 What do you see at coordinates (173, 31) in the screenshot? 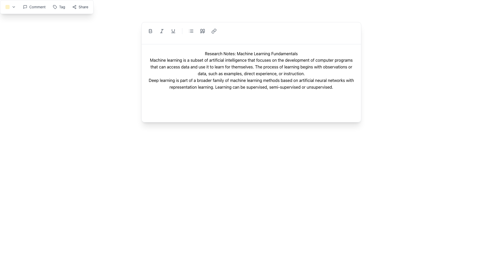
I see `the underline button icon in the text editor toolbar` at bounding box center [173, 31].